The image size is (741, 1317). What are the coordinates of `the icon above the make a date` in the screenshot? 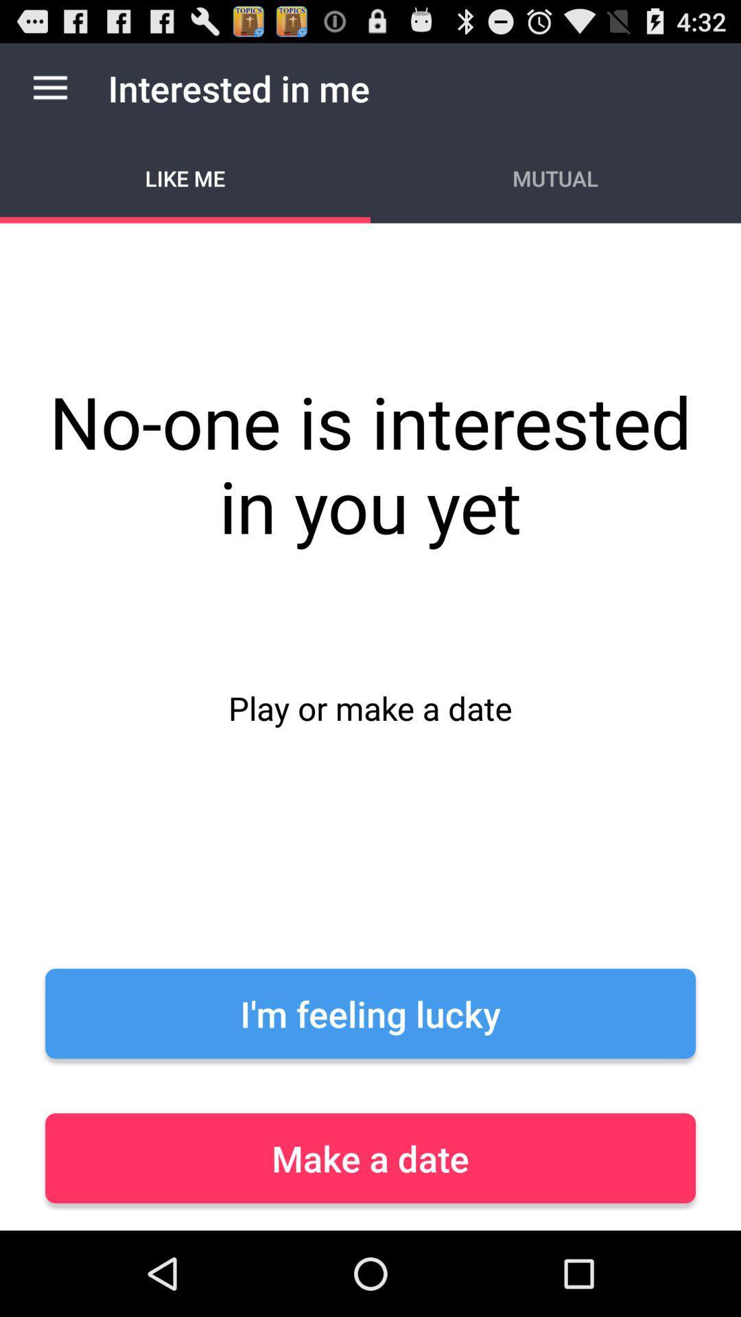 It's located at (370, 1013).